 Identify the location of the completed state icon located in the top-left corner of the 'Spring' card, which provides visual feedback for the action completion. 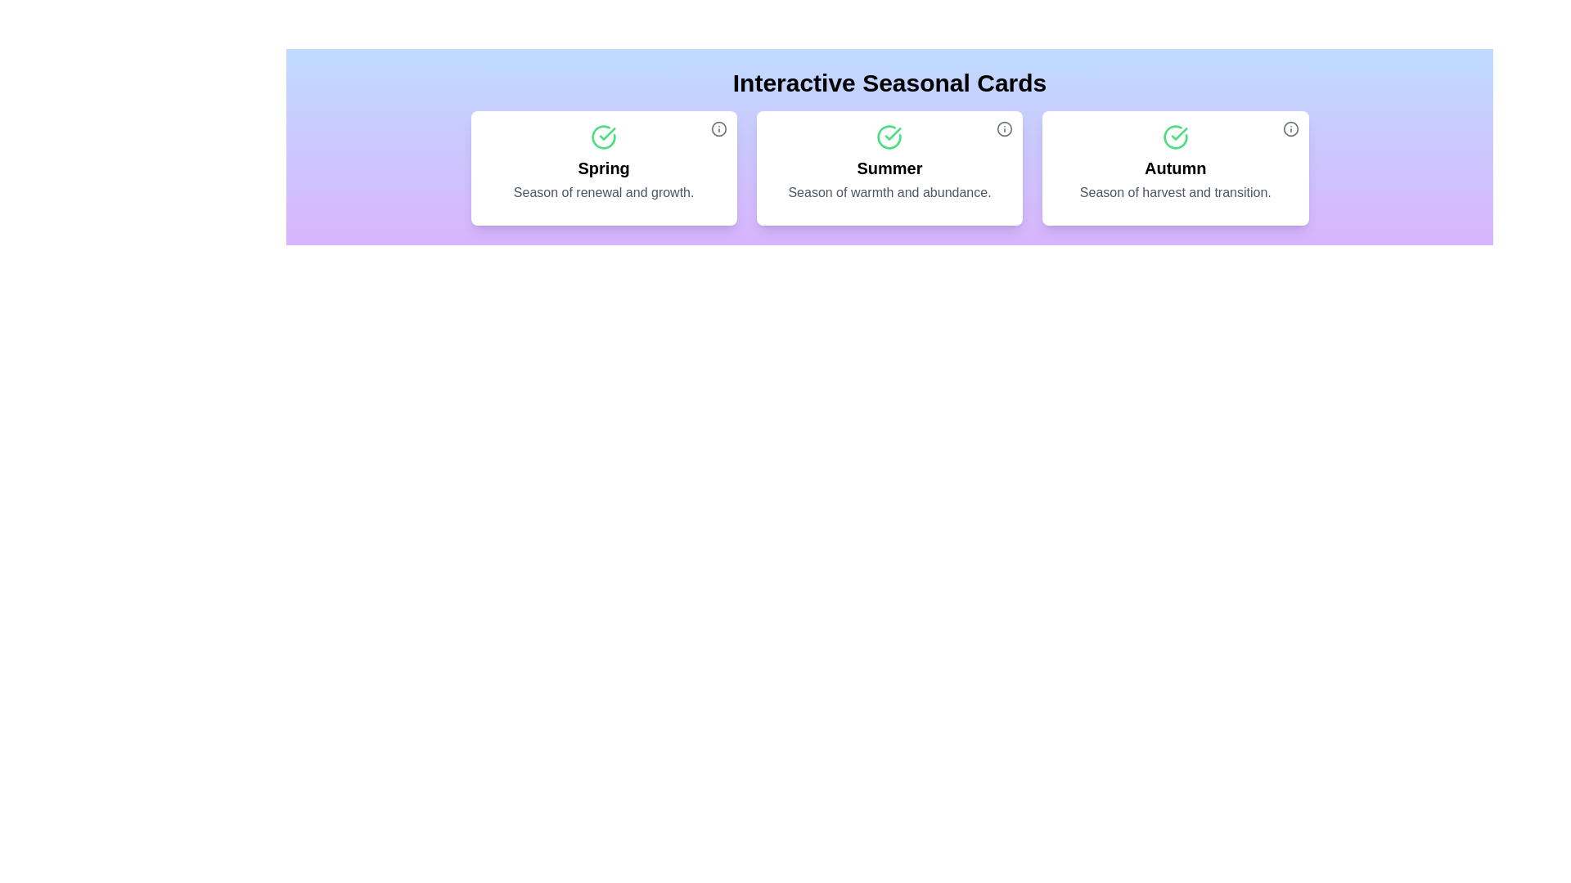
(603, 137).